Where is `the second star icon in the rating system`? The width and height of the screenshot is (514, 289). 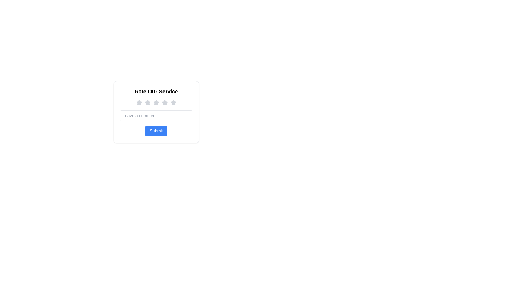
the second star icon in the rating system is located at coordinates (148, 102).